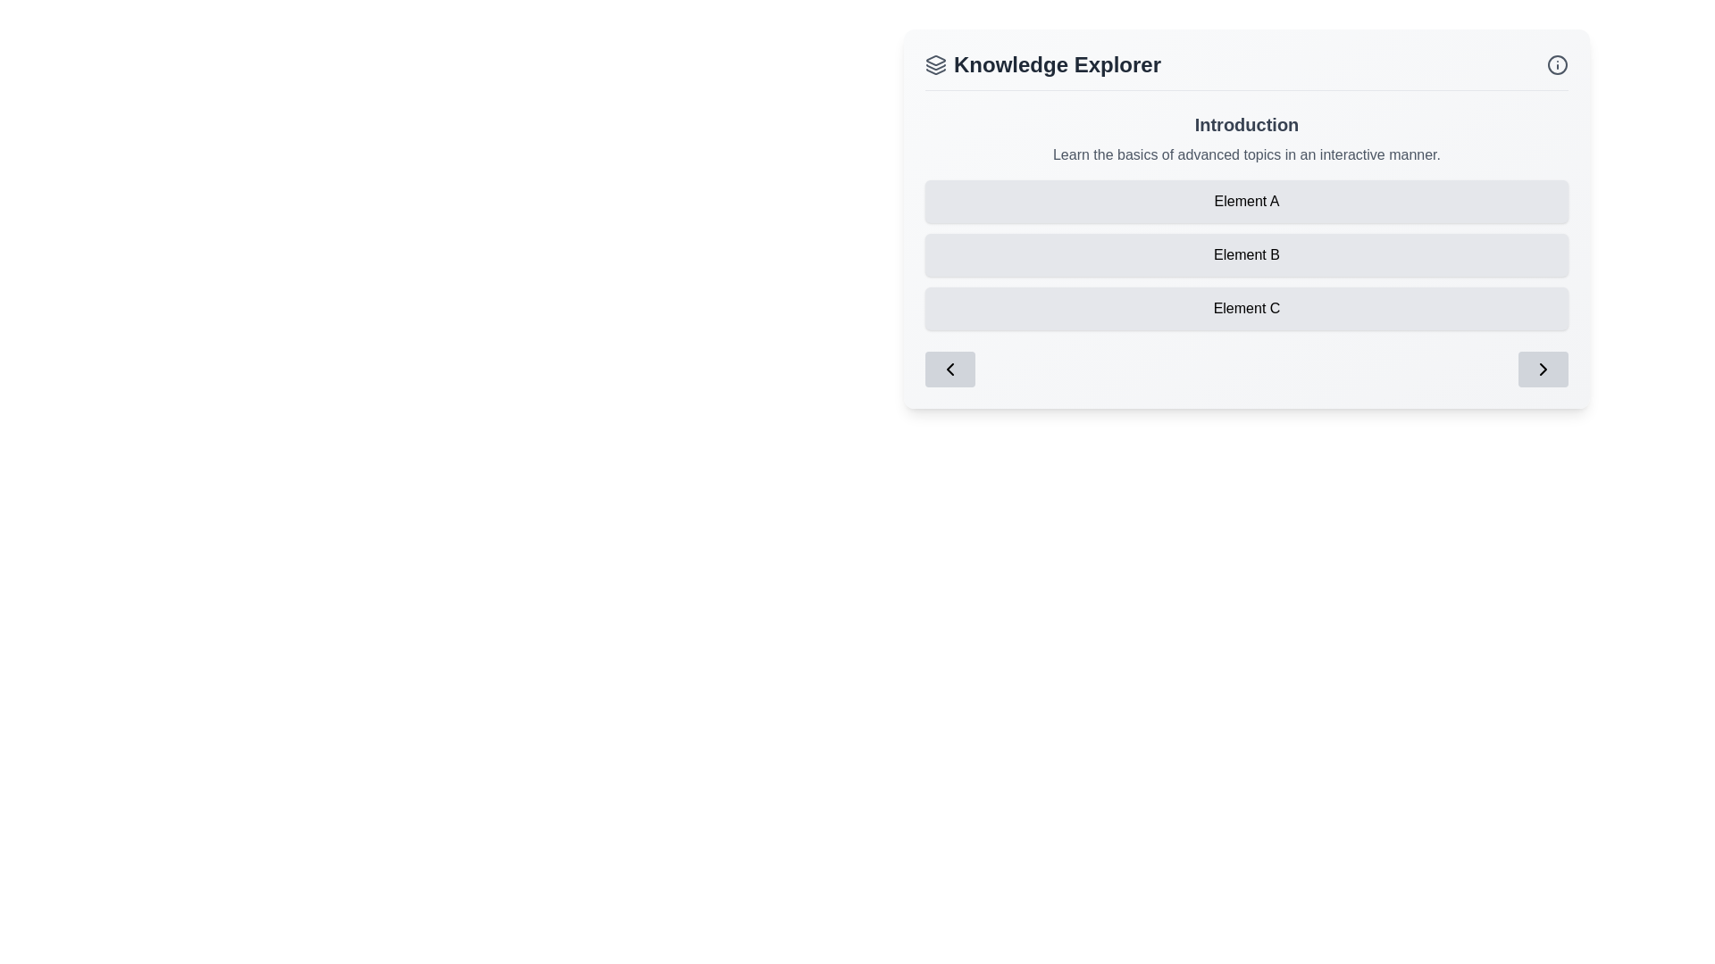 The height and width of the screenshot is (964, 1715). What do you see at coordinates (934, 64) in the screenshot?
I see `the small gray icon resembling a stack of layers located to the left of the title text 'Knowledge Explorer' in the top-left area of the UI card` at bounding box center [934, 64].